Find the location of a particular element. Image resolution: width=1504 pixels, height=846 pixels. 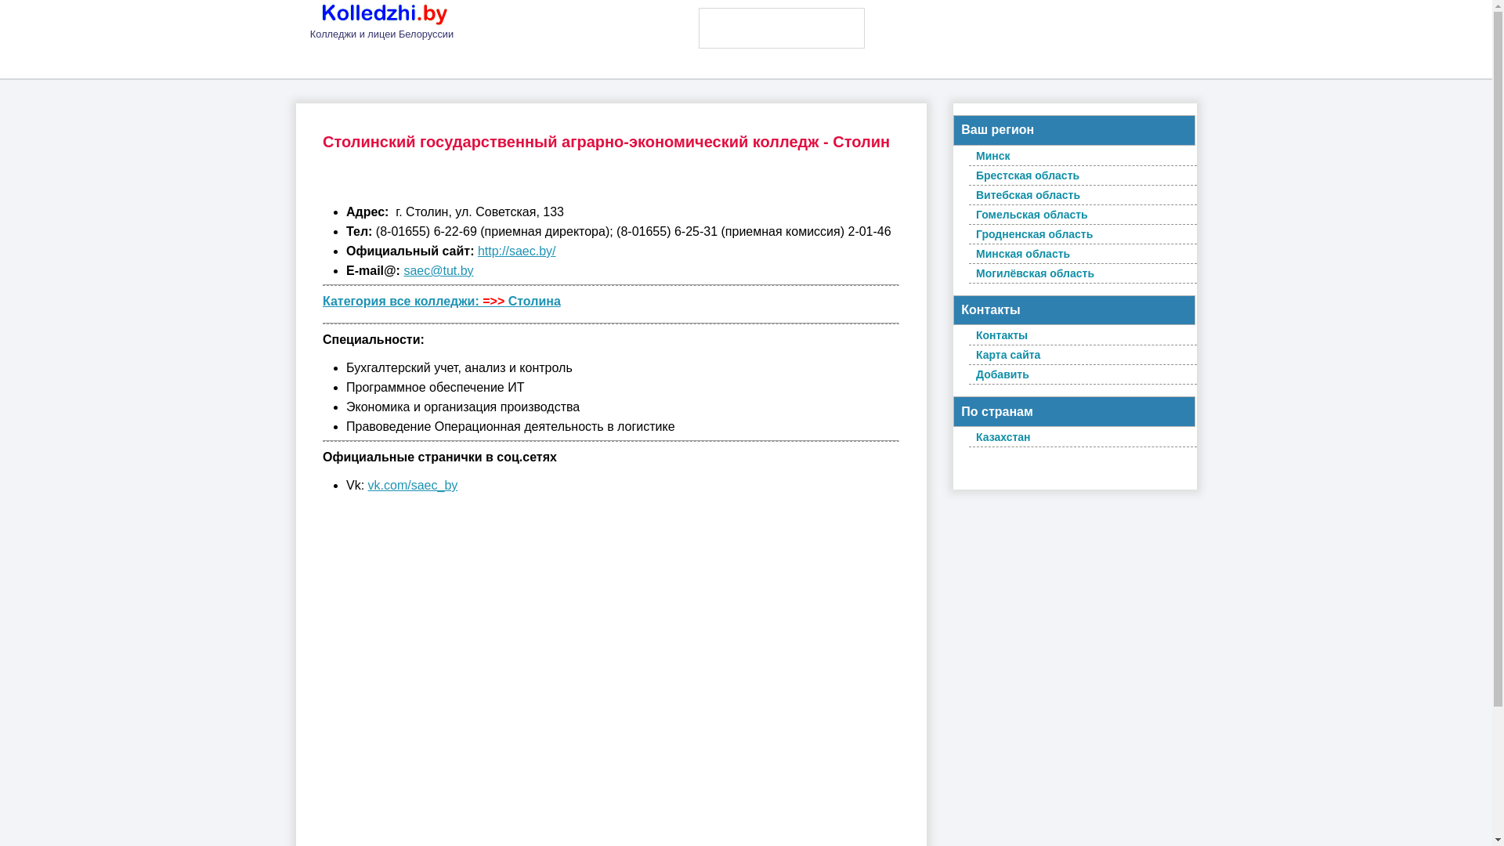

'http://saec.by/' is located at coordinates (476, 250).